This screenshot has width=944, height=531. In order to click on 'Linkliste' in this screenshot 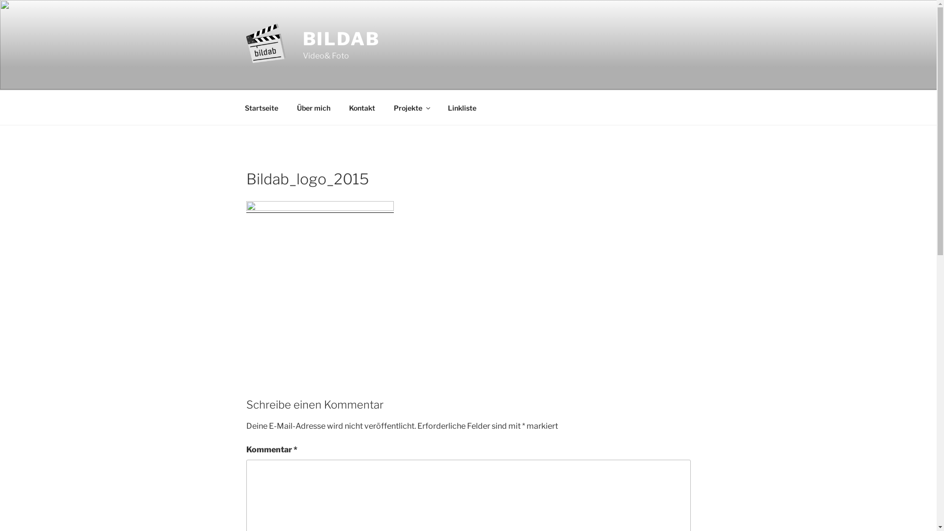, I will do `click(462, 107)`.